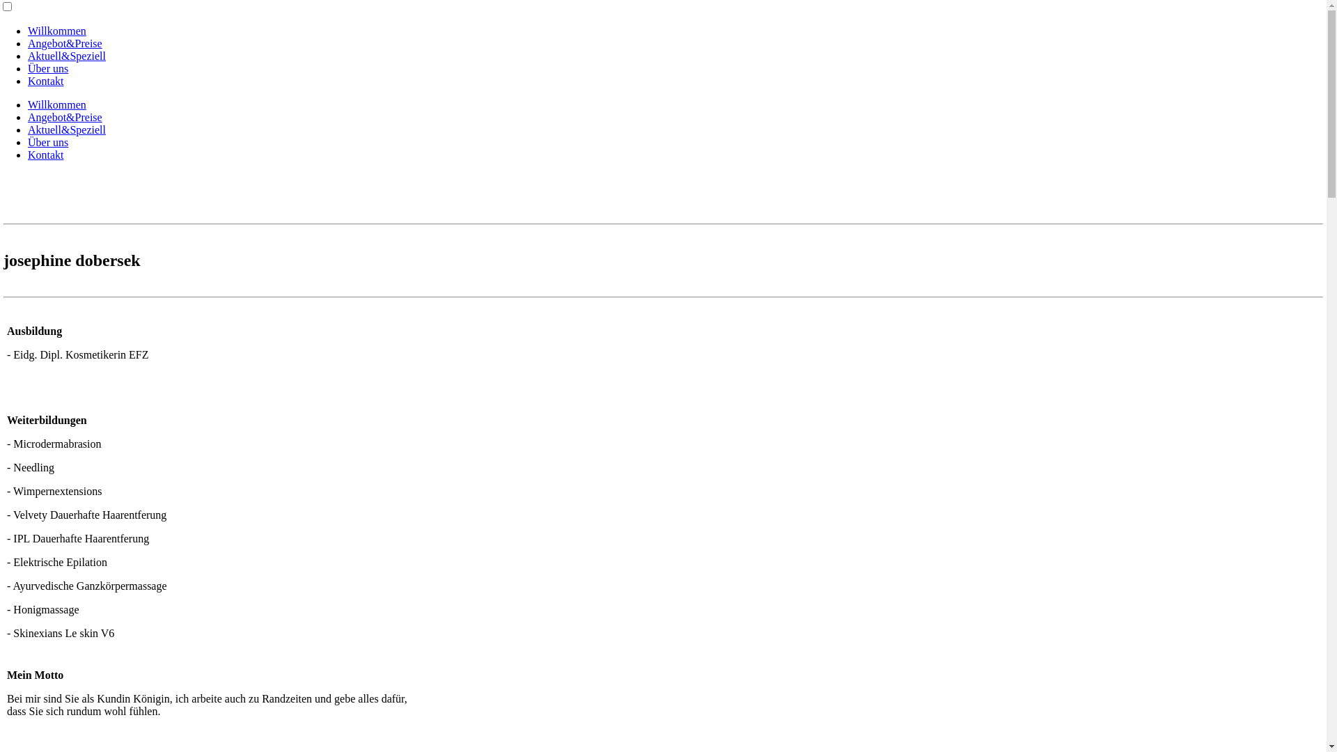 Image resolution: width=1337 pixels, height=752 pixels. What do you see at coordinates (46, 81) in the screenshot?
I see `'Kontakt'` at bounding box center [46, 81].